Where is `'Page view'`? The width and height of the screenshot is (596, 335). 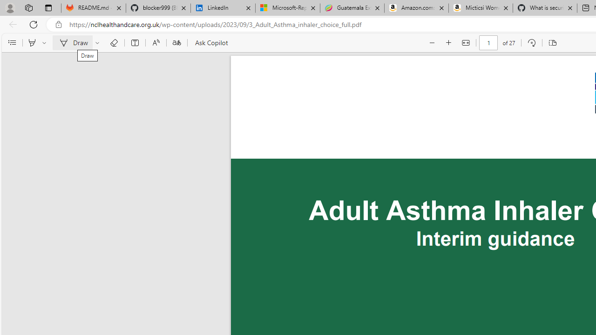 'Page view' is located at coordinates (552, 43).